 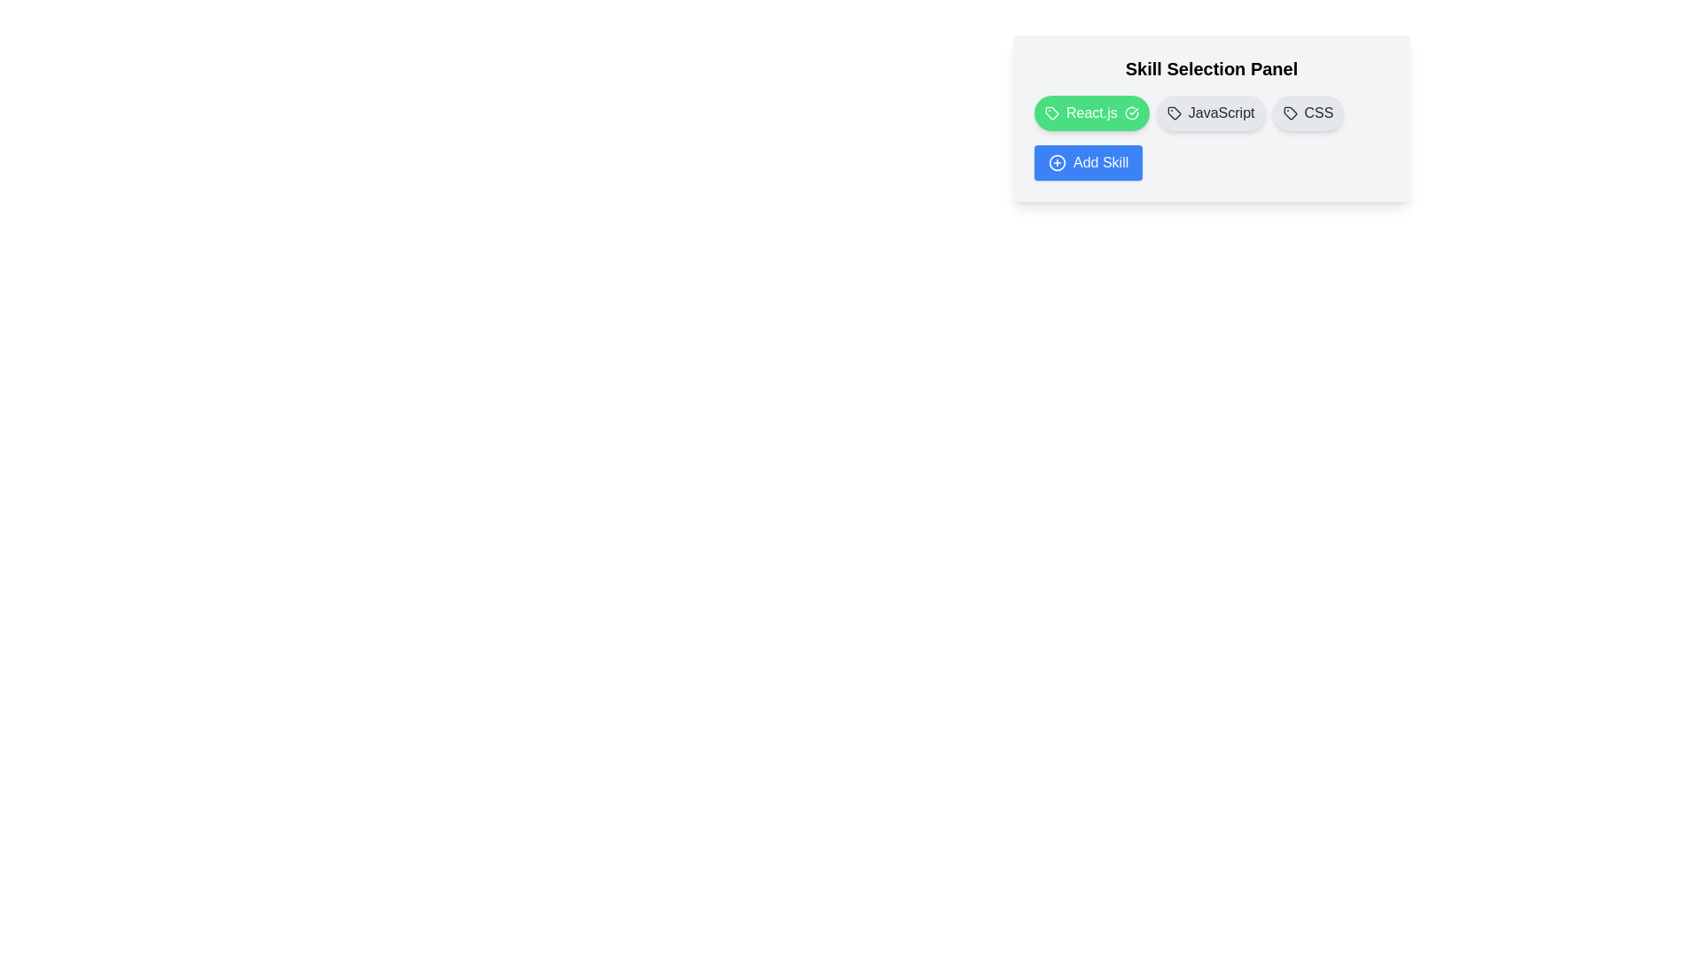 I want to click on tag icon element within the skill badge interface for 'React.js', which is a vector graphic with a light stroke color and no fill, located in the top-left quadrant of the skill selection panel, so click(x=1051, y=113).